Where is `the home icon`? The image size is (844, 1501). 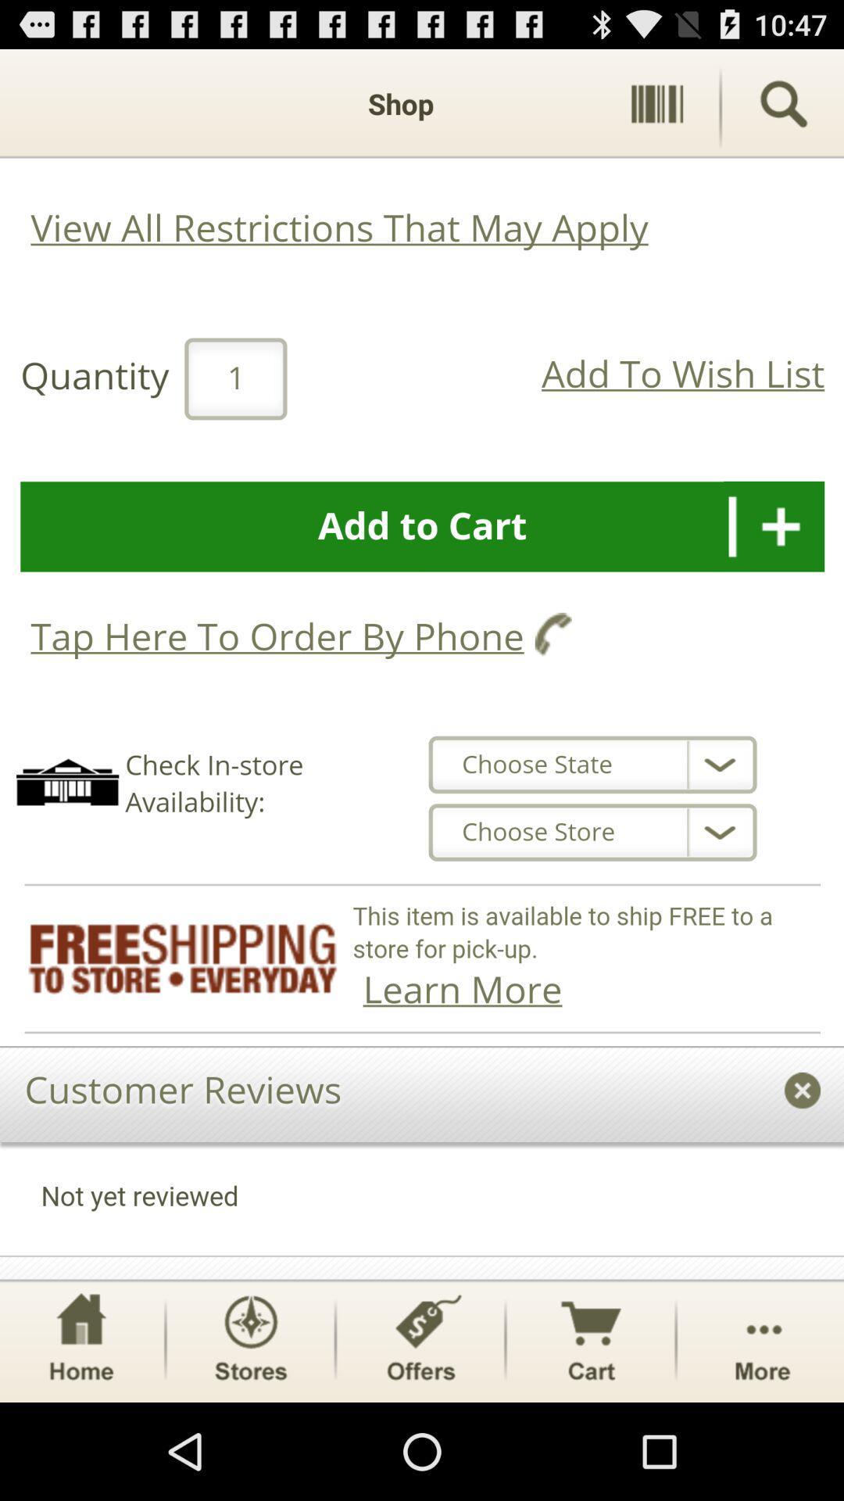 the home icon is located at coordinates (80, 1435).